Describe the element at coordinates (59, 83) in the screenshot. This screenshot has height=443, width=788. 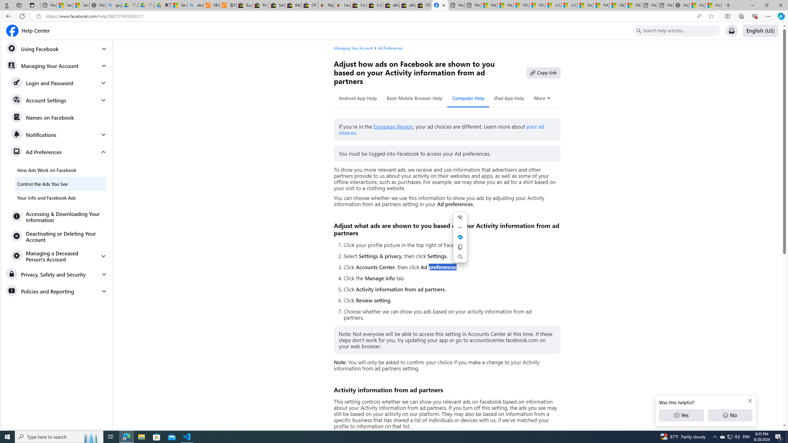
I see `'Login and Password Expand'` at that location.